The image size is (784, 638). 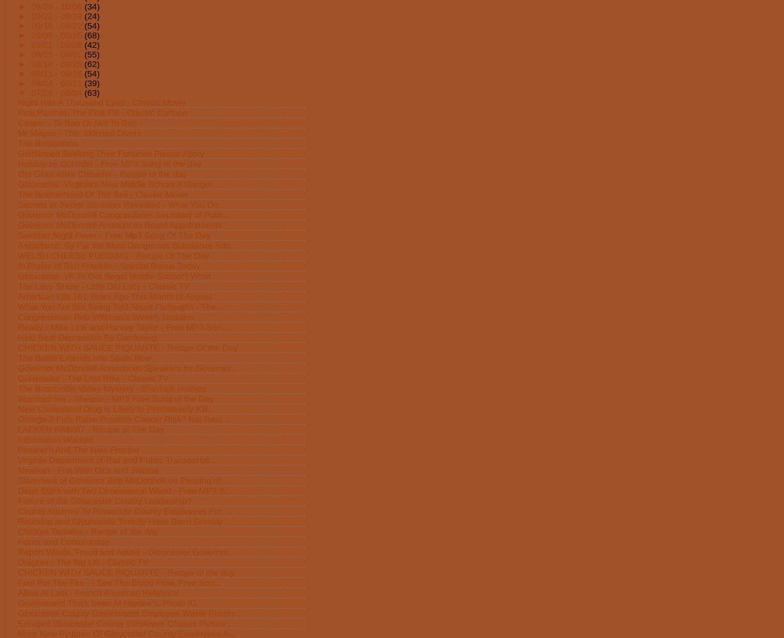 What do you see at coordinates (101, 102) in the screenshot?
I see `'Night Has A Thousand Eyes - Classic Movie'` at bounding box center [101, 102].